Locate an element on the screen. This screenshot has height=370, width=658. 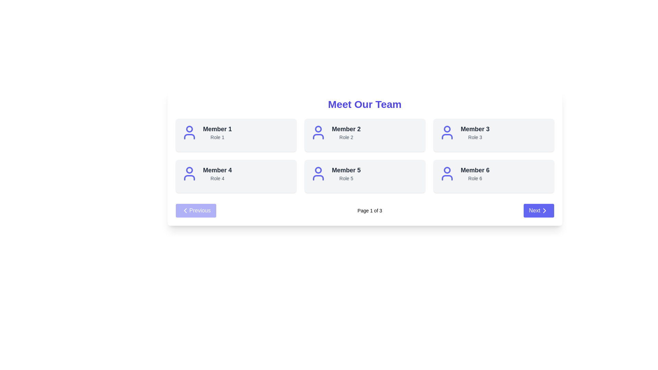
the SVG circle element representing the head of 'Member 5' in the user icon layout is located at coordinates (318, 170).